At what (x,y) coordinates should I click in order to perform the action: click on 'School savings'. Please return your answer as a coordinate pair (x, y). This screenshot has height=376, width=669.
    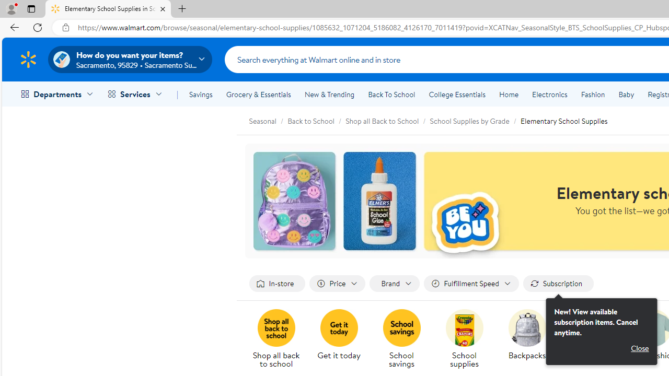
    Looking at the image, I should click on (405, 339).